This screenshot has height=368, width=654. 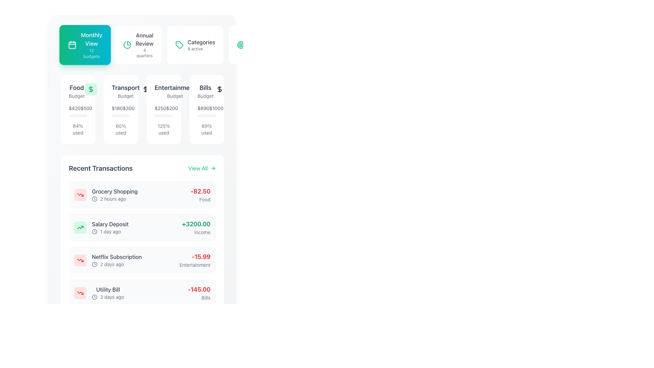 I want to click on the Text Display element showing '$250' and '$200' in the 'Entertainment Budget' section, which is positioned below the title and above the progress bar, so click(x=163, y=111).